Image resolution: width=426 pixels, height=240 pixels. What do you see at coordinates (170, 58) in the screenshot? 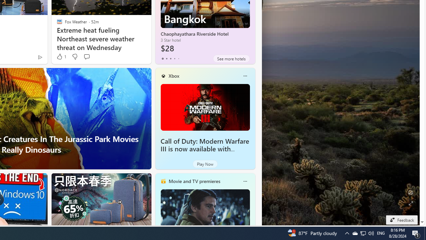
I see `'tab-2'` at bounding box center [170, 58].